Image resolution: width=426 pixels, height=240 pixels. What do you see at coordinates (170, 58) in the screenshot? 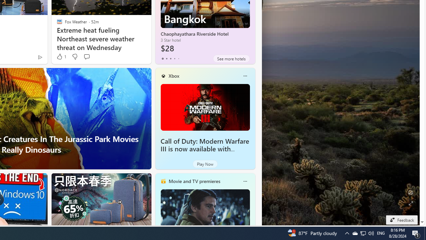
I see `'tab-2'` at bounding box center [170, 58].